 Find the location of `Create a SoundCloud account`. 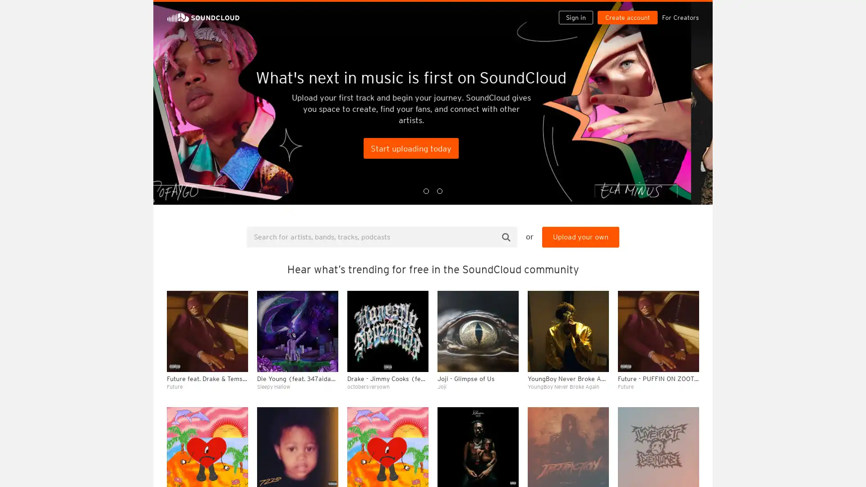

Create a SoundCloud account is located at coordinates (629, 10).